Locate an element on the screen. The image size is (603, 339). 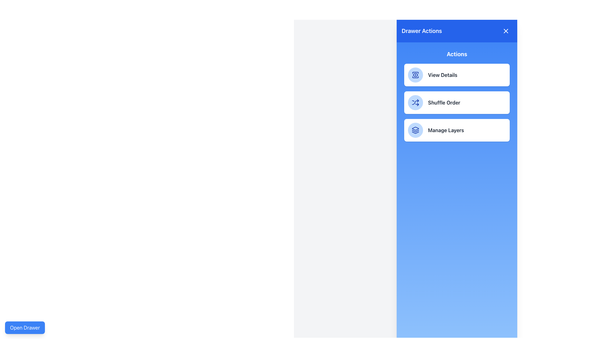
the static text element located within the first of three vertically aligned buttons in the drawer, positioned to the right of an icon is located at coordinates (442, 75).